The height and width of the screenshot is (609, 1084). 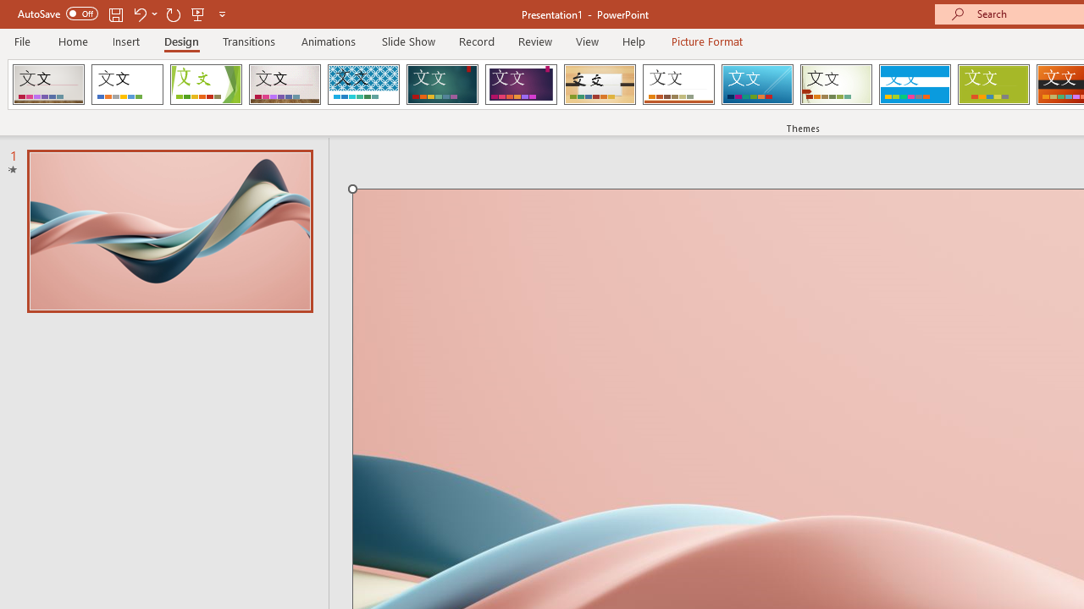 I want to click on 'AfterglowVTI', so click(x=48, y=85).